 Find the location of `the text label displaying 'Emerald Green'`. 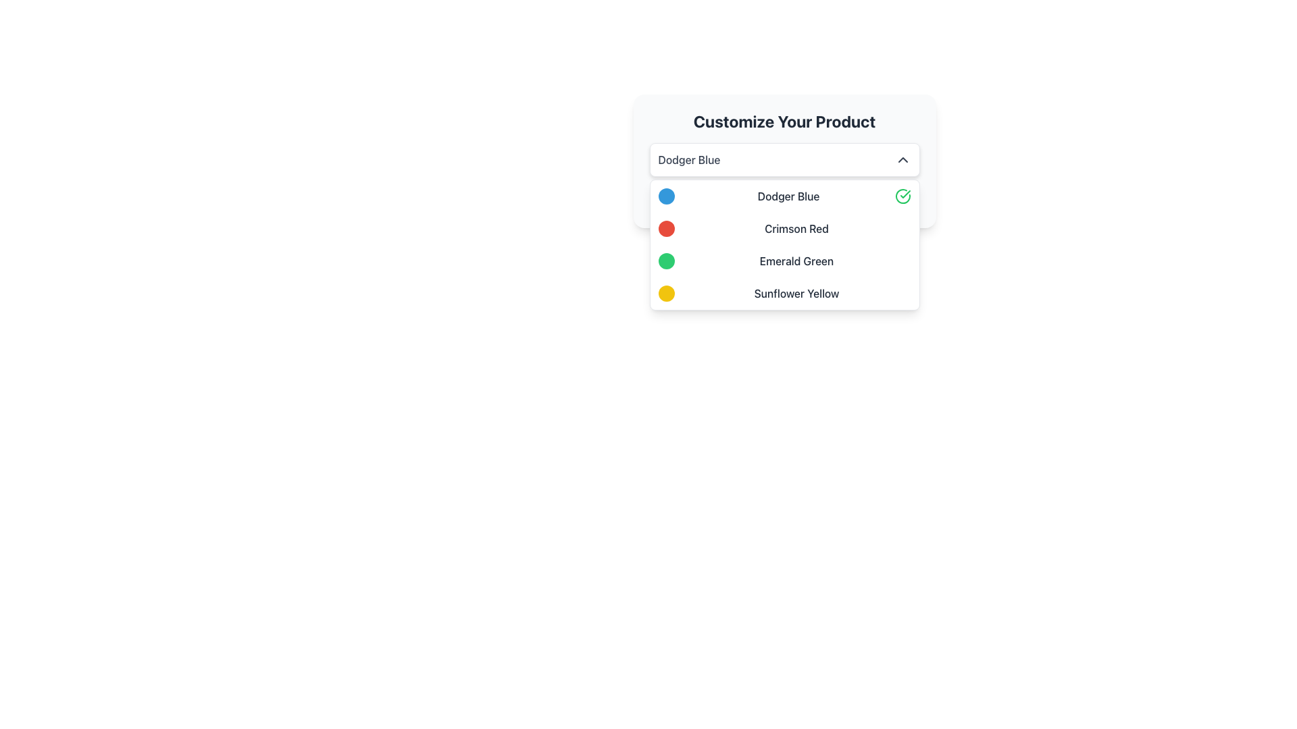

the text label displaying 'Emerald Green' is located at coordinates (796, 261).